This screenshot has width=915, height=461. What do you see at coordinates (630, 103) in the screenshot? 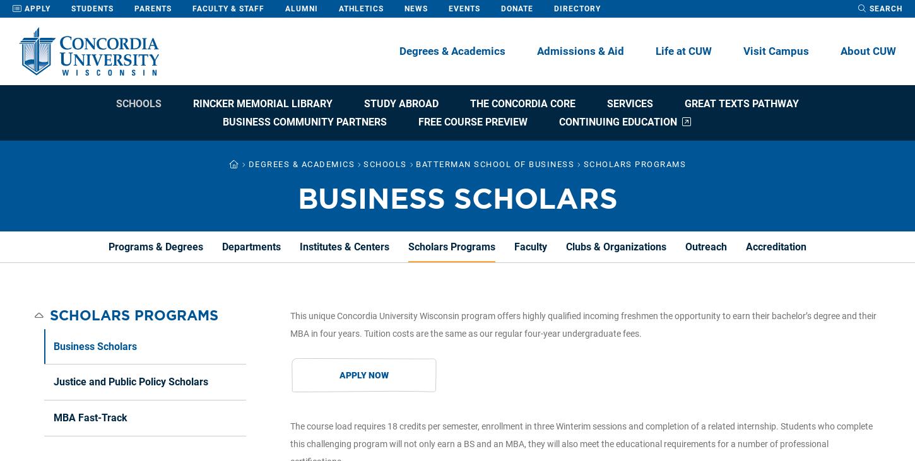
I see `'Services'` at bounding box center [630, 103].